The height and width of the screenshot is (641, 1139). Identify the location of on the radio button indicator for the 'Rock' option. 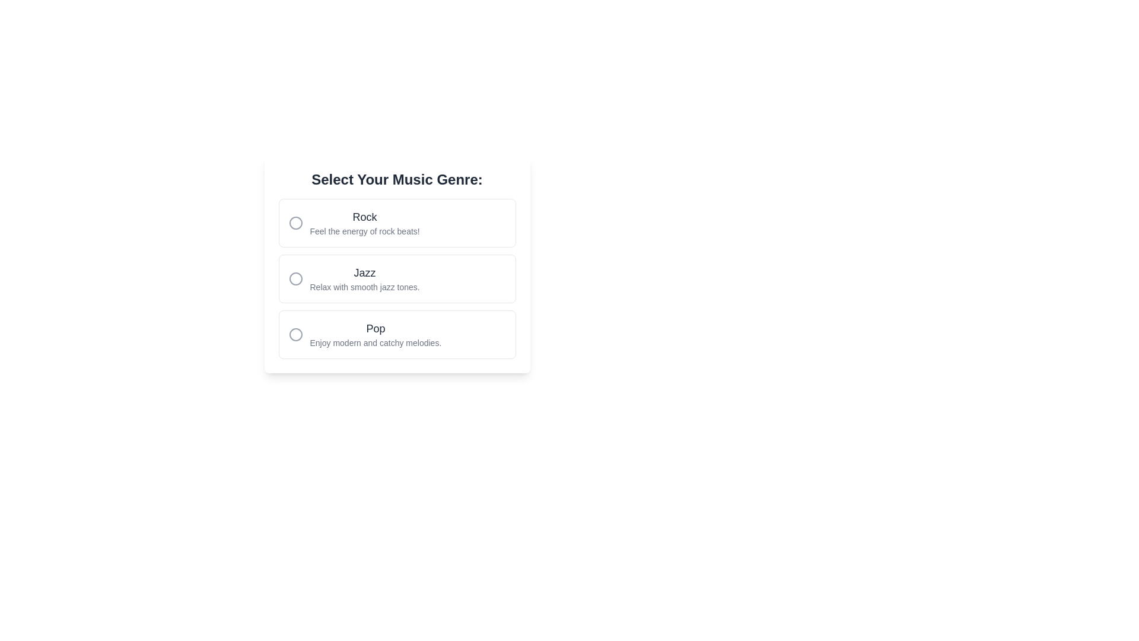
(295, 223).